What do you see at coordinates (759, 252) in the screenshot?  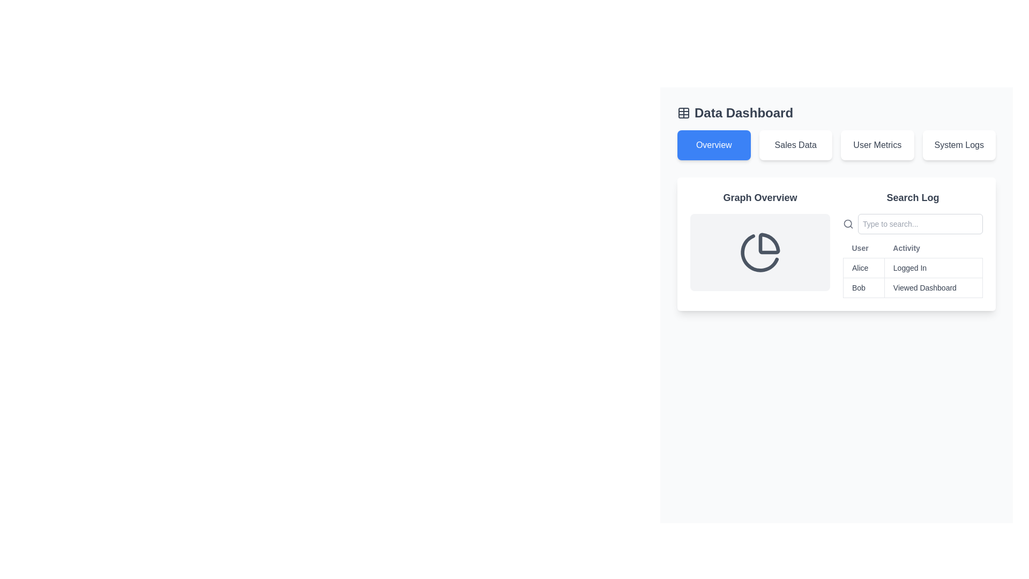 I see `the pie chart icon that is centrally positioned within the white card labeled 'Graph Overview'` at bounding box center [759, 252].